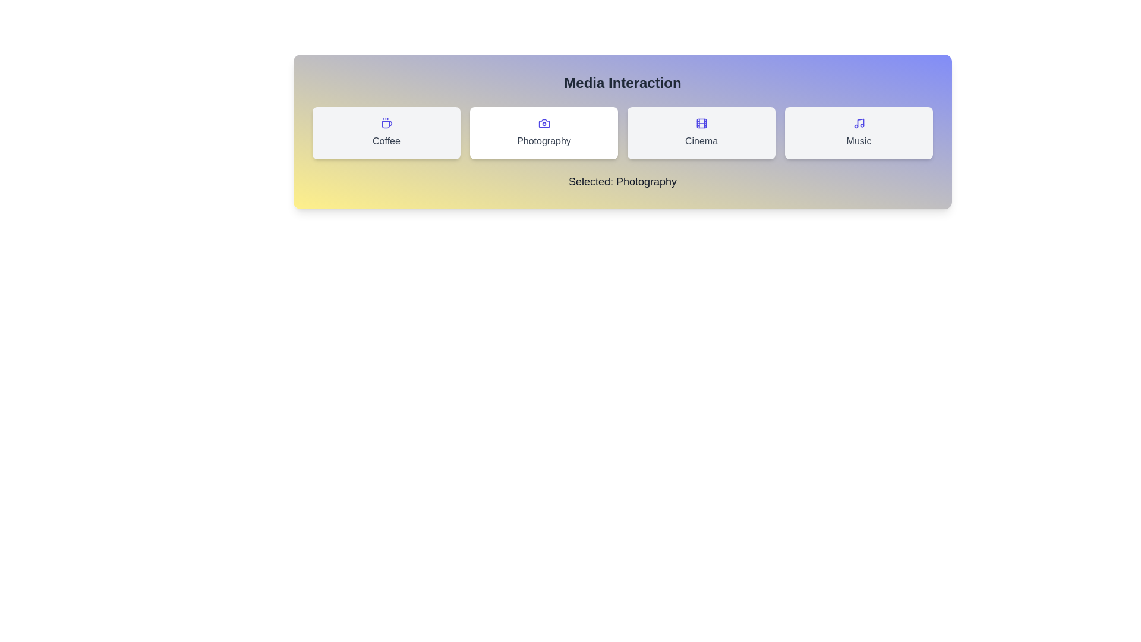 Image resolution: width=1141 pixels, height=642 pixels. I want to click on the 'Cinema' text element, which is displayed in medium gray font within a rounded card below a grid icon, centrally aligned at the bottom of the third card in a horizontal list of four cards, so click(701, 141).